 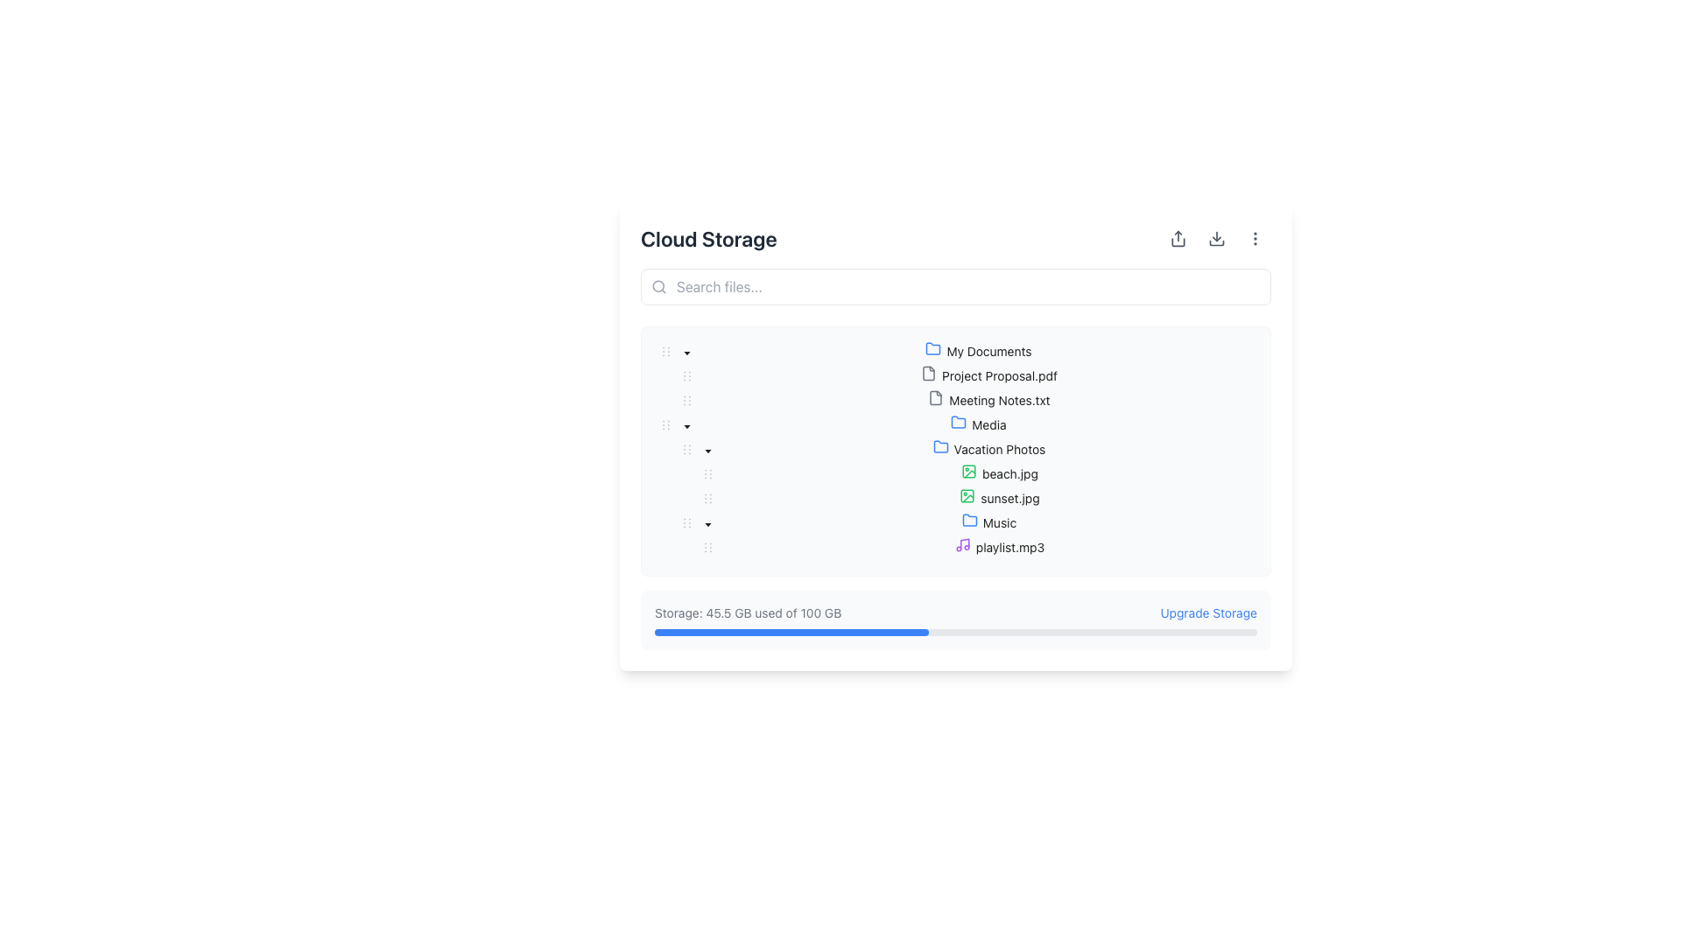 I want to click on the circular download button, which is the middle button in a group of three, to initiate a download, so click(x=1216, y=239).